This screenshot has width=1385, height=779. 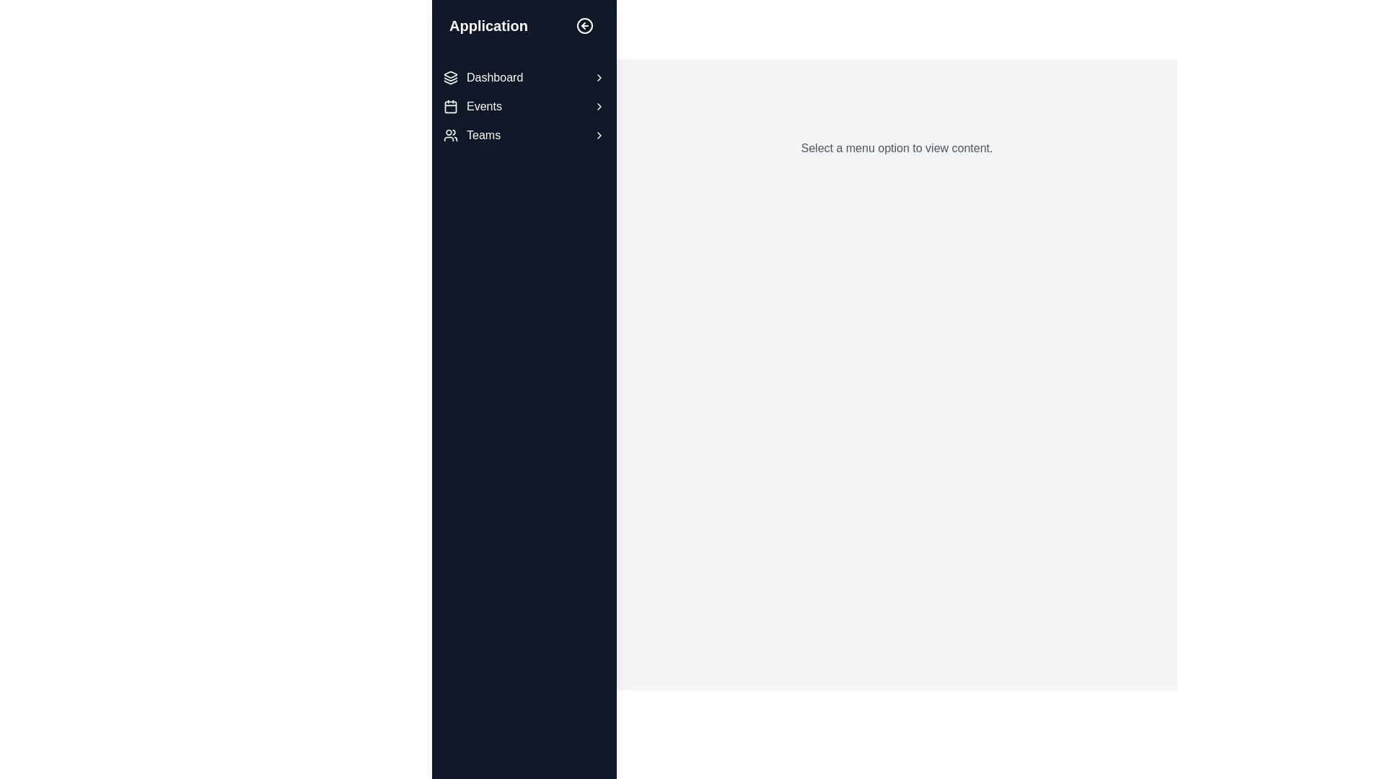 I want to click on the text label that reads 'Select a menu option, so click(x=896, y=148).